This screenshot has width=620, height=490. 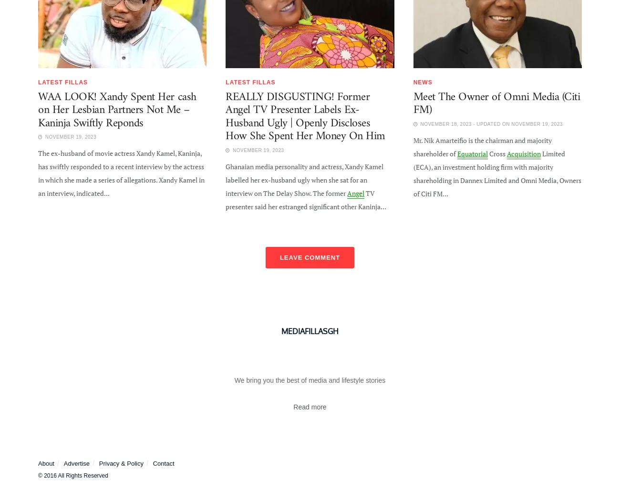 I want to click on 'Advertise', so click(x=76, y=463).